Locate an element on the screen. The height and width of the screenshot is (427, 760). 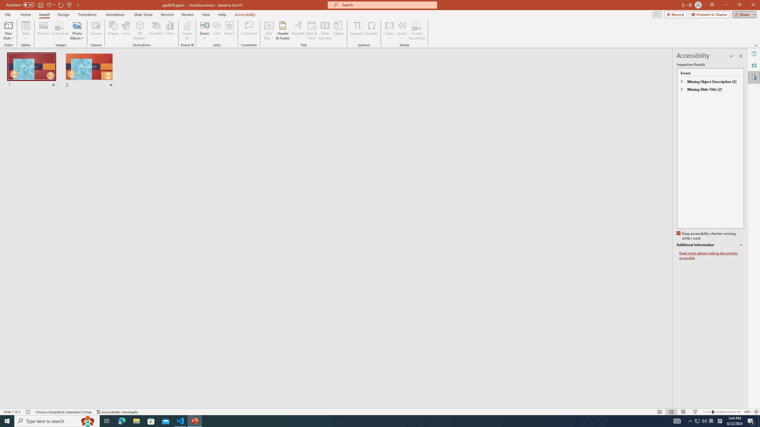
'Text Box' is located at coordinates (269, 31).